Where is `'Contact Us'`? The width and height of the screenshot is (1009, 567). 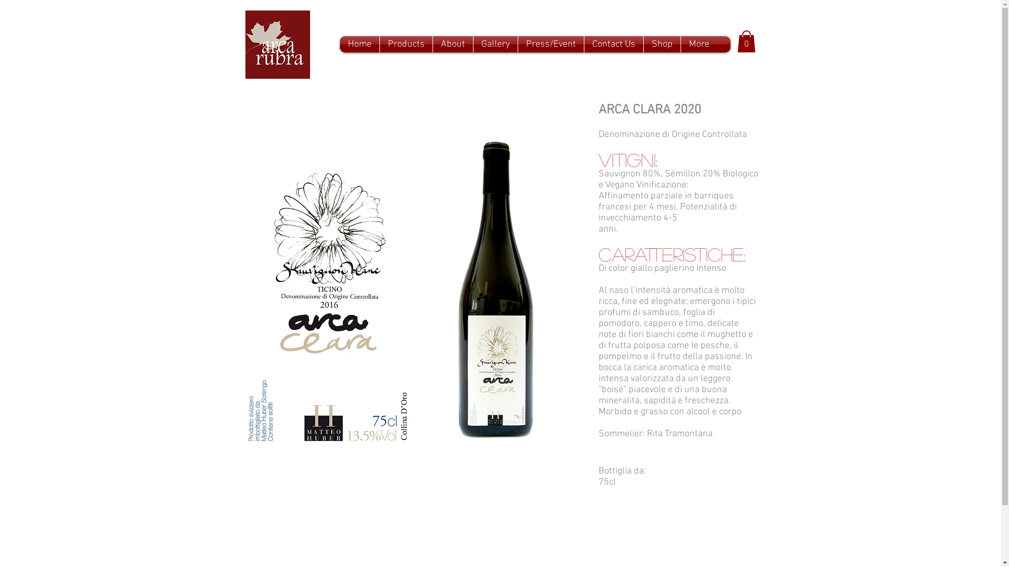
'Contact Us' is located at coordinates (613, 44).